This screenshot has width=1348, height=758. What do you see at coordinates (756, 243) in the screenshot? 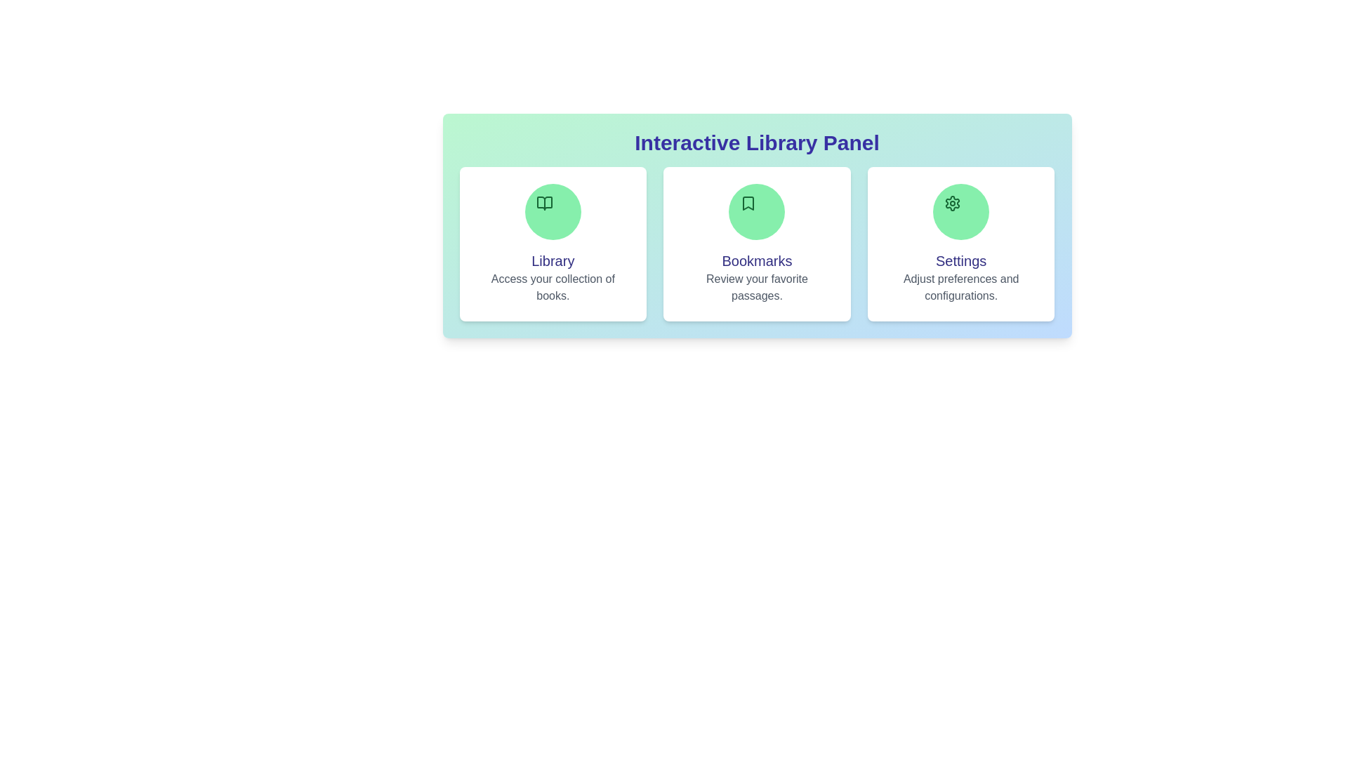
I see `the Bookmarks section to open contextual options` at bounding box center [756, 243].